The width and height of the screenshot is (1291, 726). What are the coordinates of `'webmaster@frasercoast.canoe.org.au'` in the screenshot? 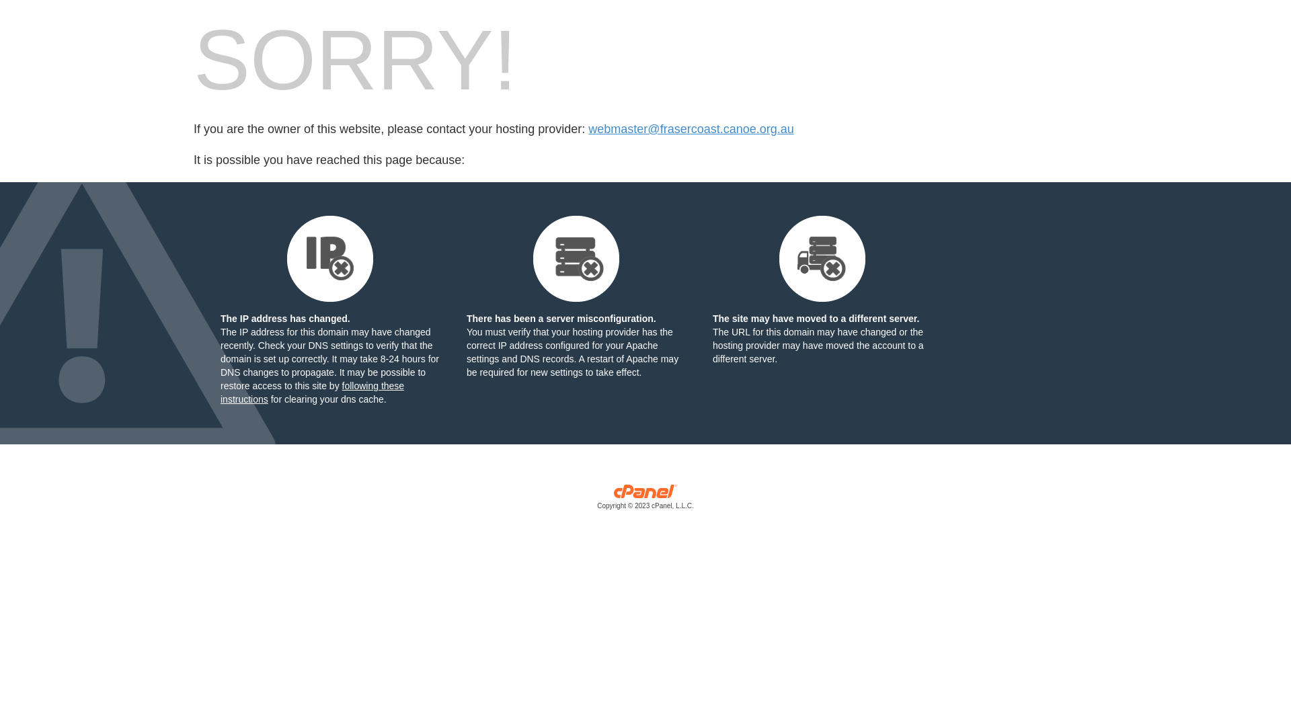 It's located at (691, 129).